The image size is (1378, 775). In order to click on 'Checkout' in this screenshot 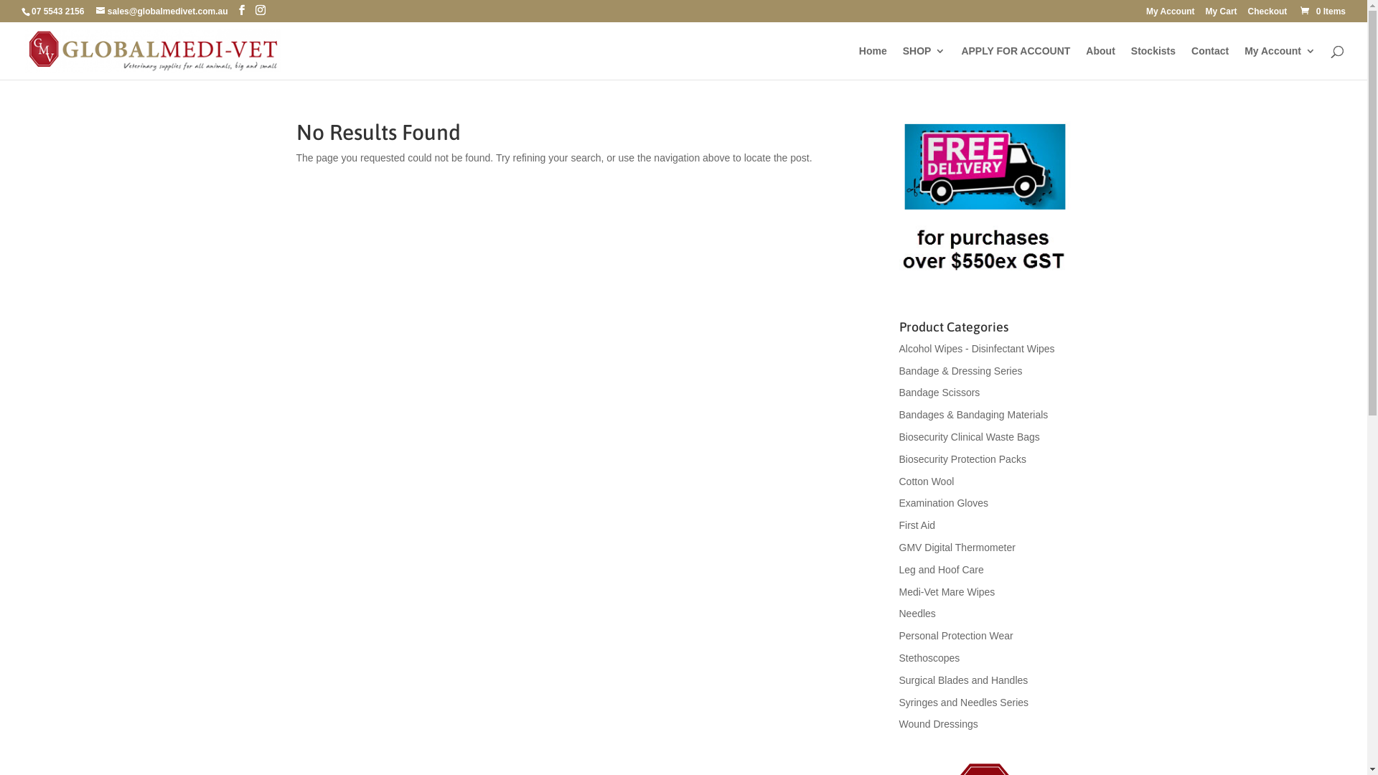, I will do `click(1267, 14)`.